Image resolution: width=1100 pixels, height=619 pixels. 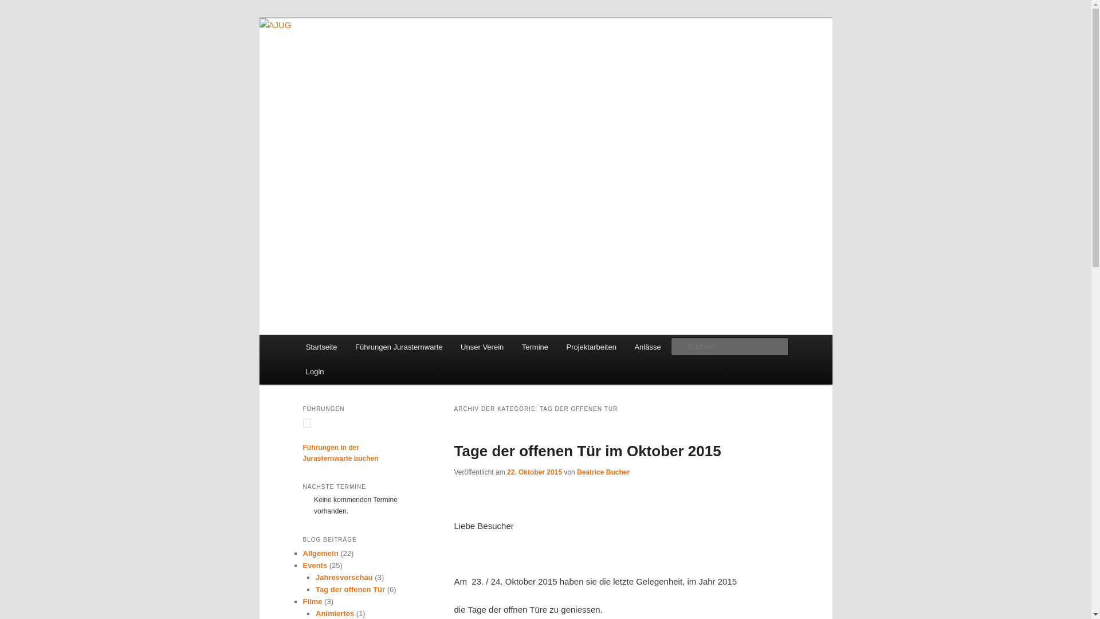 I want to click on 'Zum Inhalt wechseln', so click(x=17, y=17).